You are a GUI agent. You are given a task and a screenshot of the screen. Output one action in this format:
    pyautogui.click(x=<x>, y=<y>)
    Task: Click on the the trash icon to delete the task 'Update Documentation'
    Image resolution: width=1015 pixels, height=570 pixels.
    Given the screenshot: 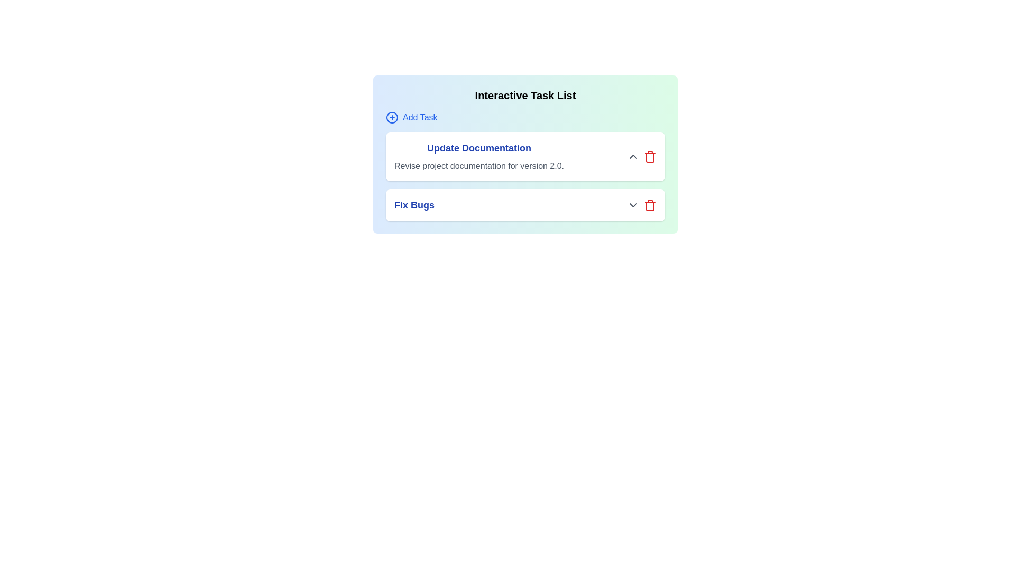 What is the action you would take?
    pyautogui.click(x=649, y=157)
    